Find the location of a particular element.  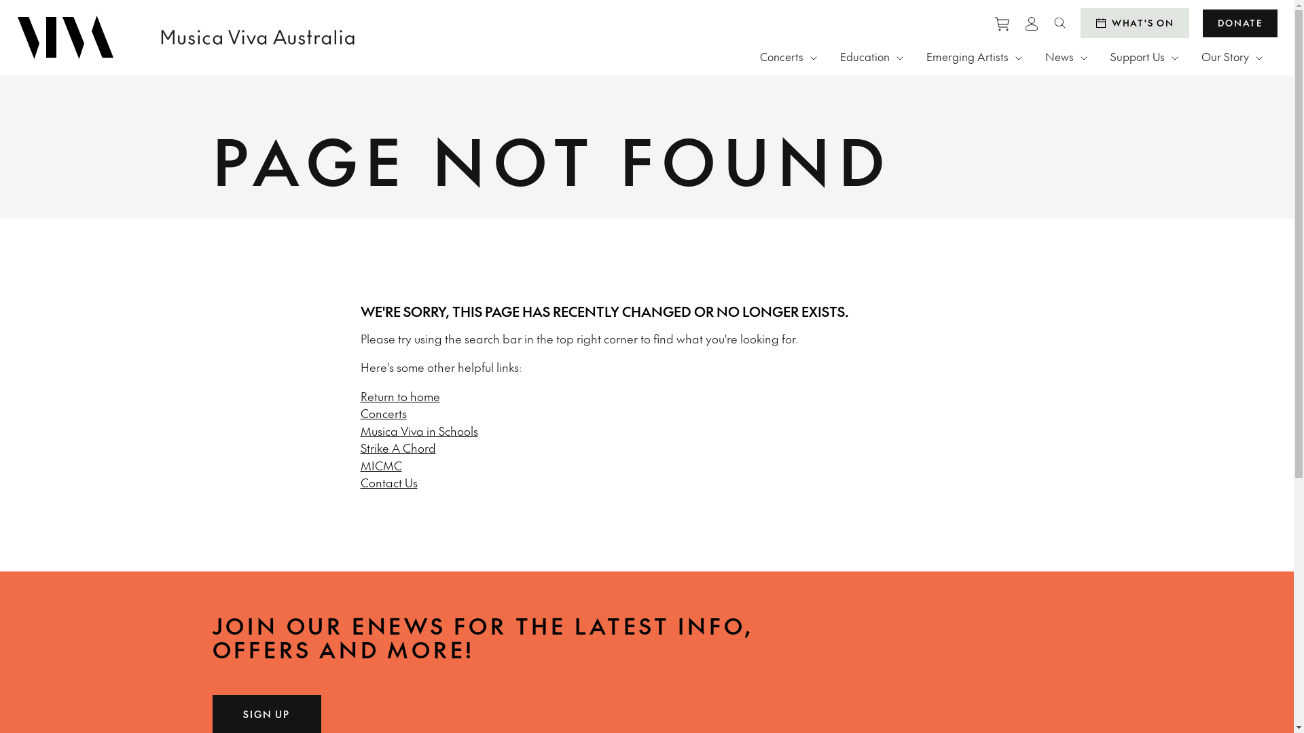

'Return to home' is located at coordinates (399, 396).